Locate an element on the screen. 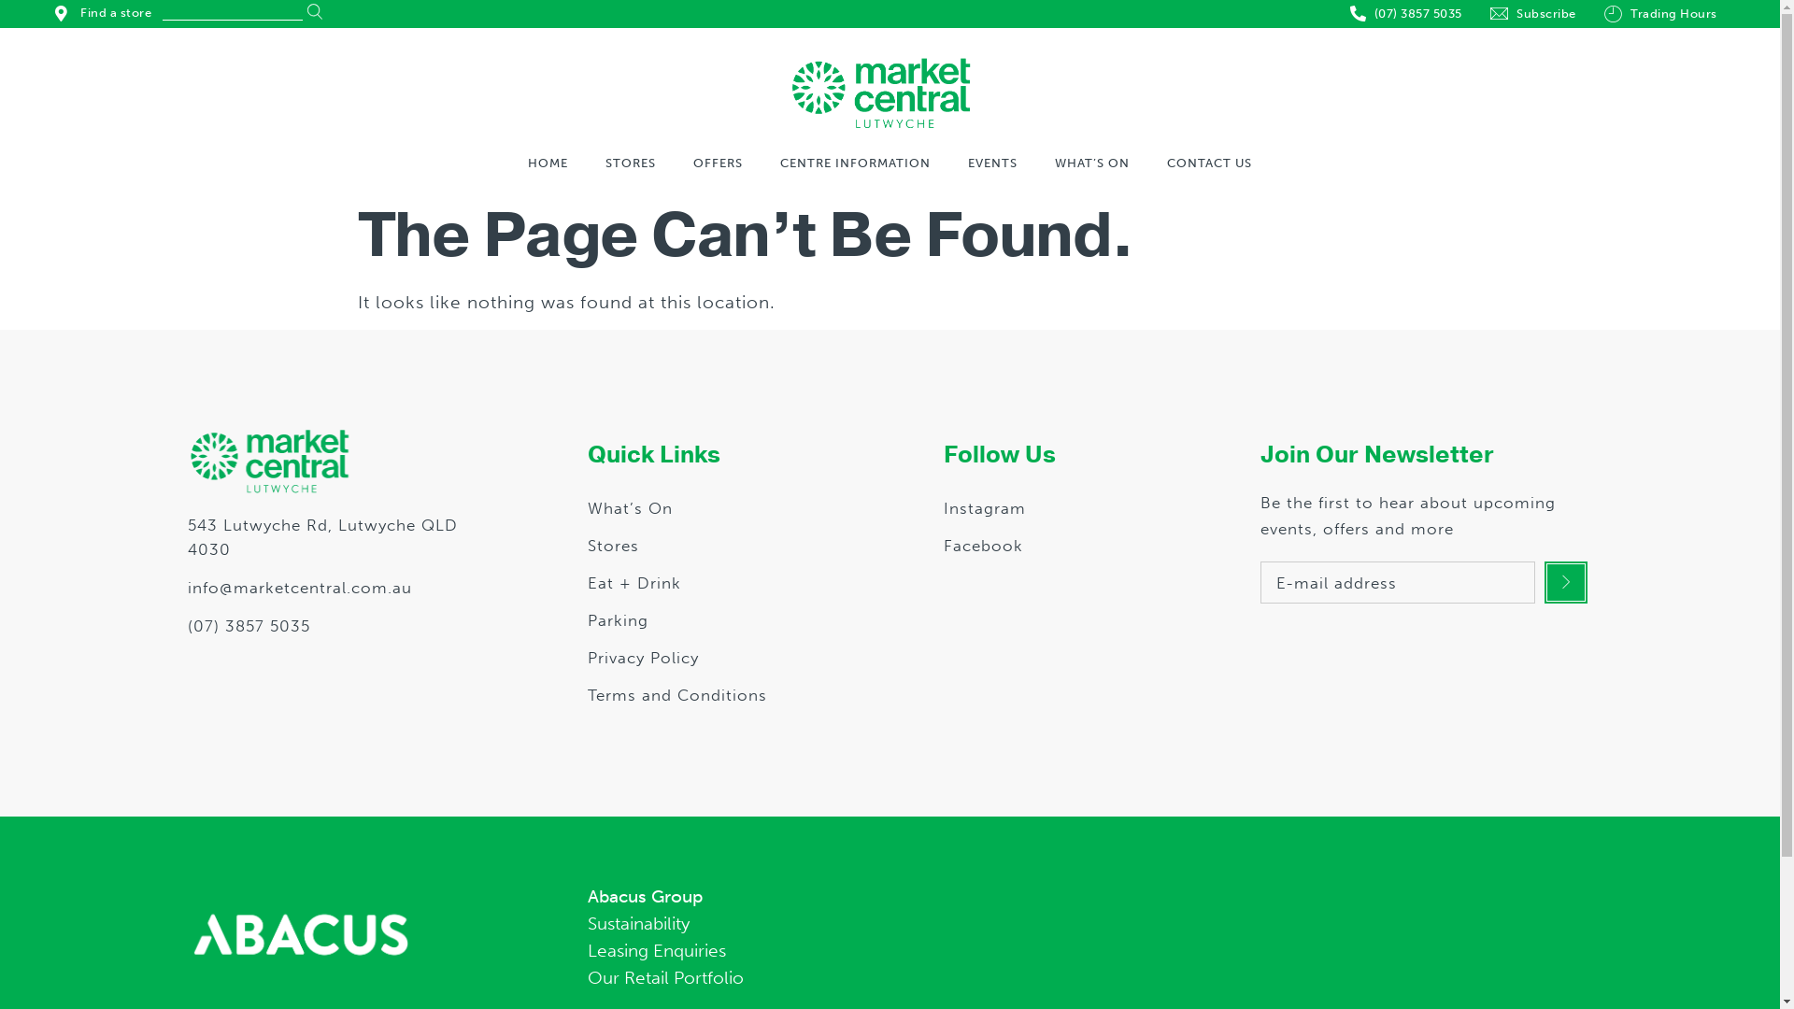 This screenshot has height=1009, width=1794. 'OFFERS' is located at coordinates (692, 162).